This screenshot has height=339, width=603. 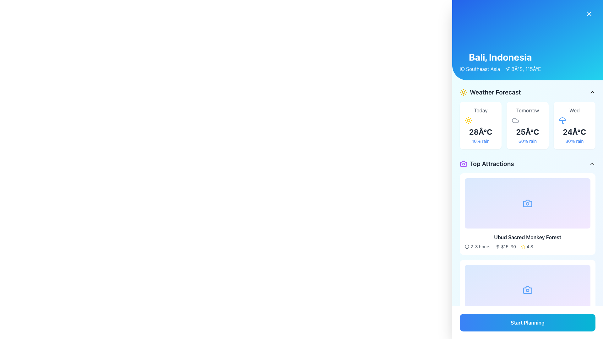 I want to click on the icon adjacent to the Text label that provides geographic coordinates for more information, so click(x=523, y=69).